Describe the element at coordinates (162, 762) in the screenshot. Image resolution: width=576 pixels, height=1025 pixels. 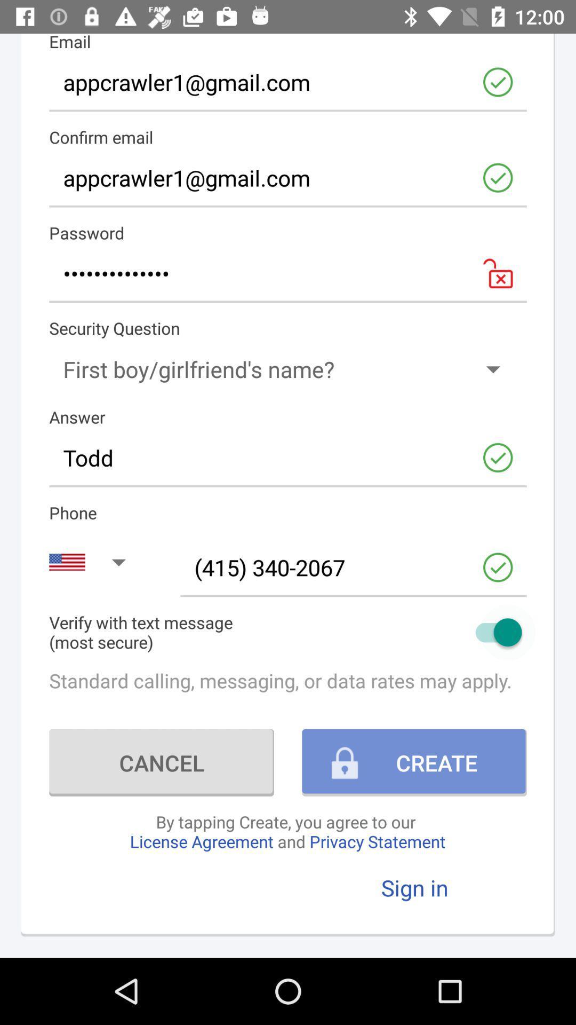
I see `item at the bottom left corner` at that location.